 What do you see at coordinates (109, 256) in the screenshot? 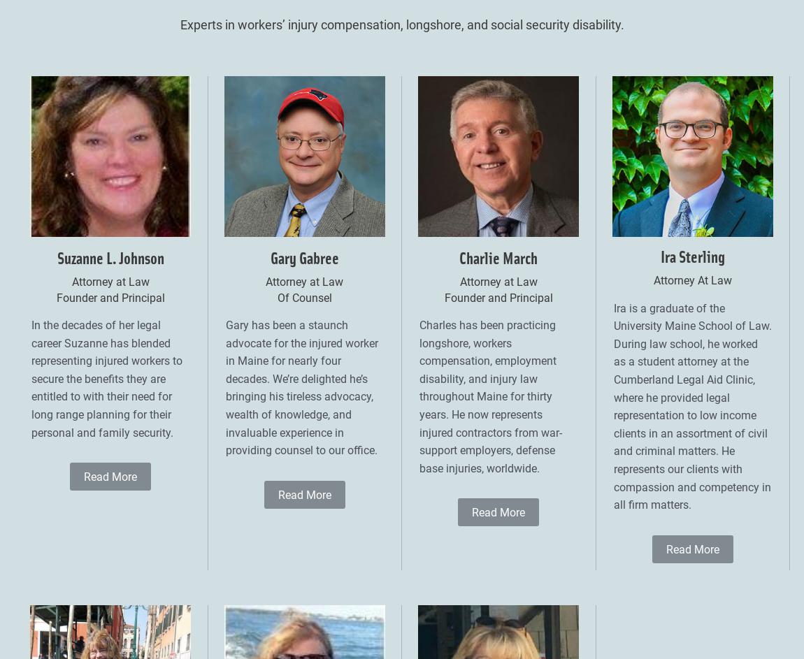
I see `'Suzanne L. Johnson'` at bounding box center [109, 256].